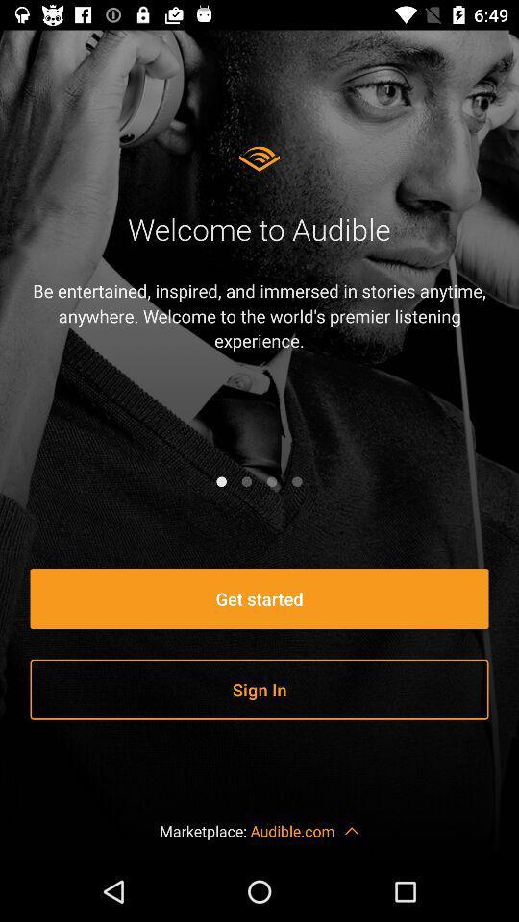  Describe the element at coordinates (246, 480) in the screenshot. I see `item below be entertained inspired item` at that location.